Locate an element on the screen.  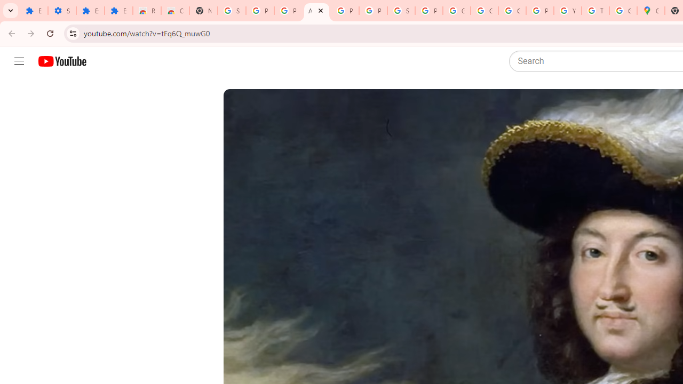
'New Tab' is located at coordinates (203, 11).